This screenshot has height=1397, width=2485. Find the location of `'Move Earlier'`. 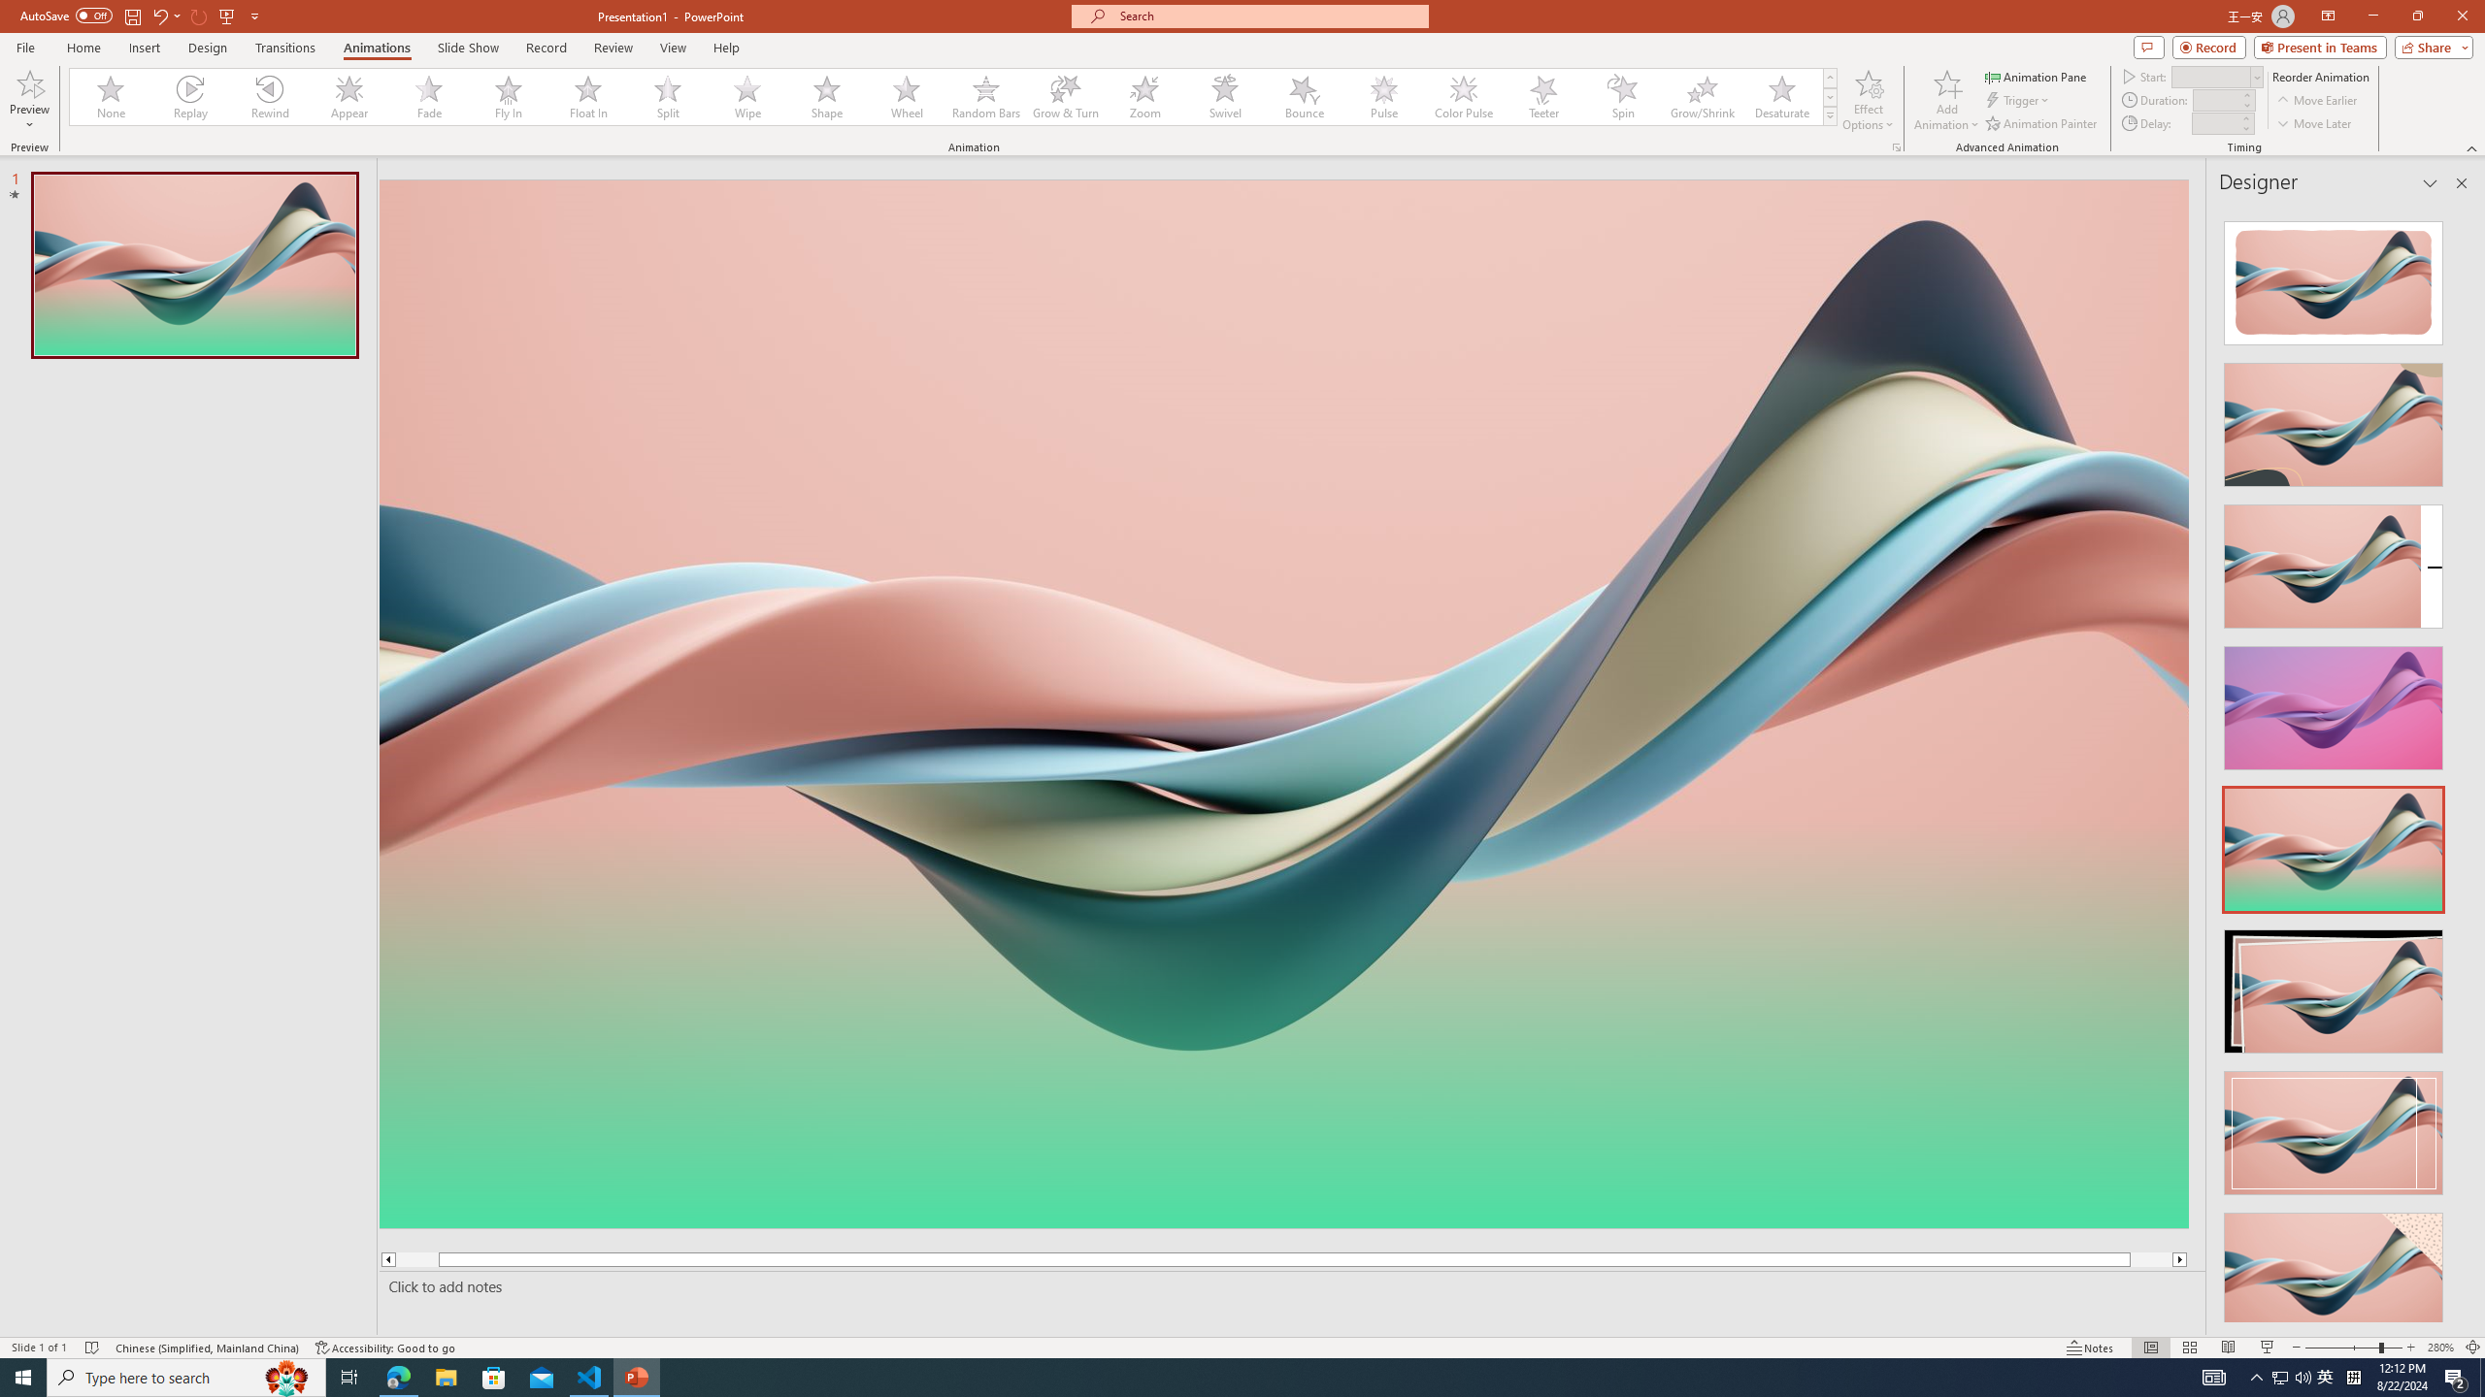

'Move Earlier' is located at coordinates (2316, 100).